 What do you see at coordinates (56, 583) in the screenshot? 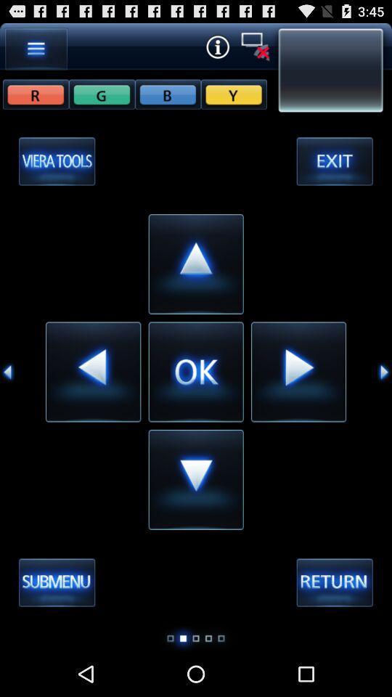
I see `submenu` at bounding box center [56, 583].